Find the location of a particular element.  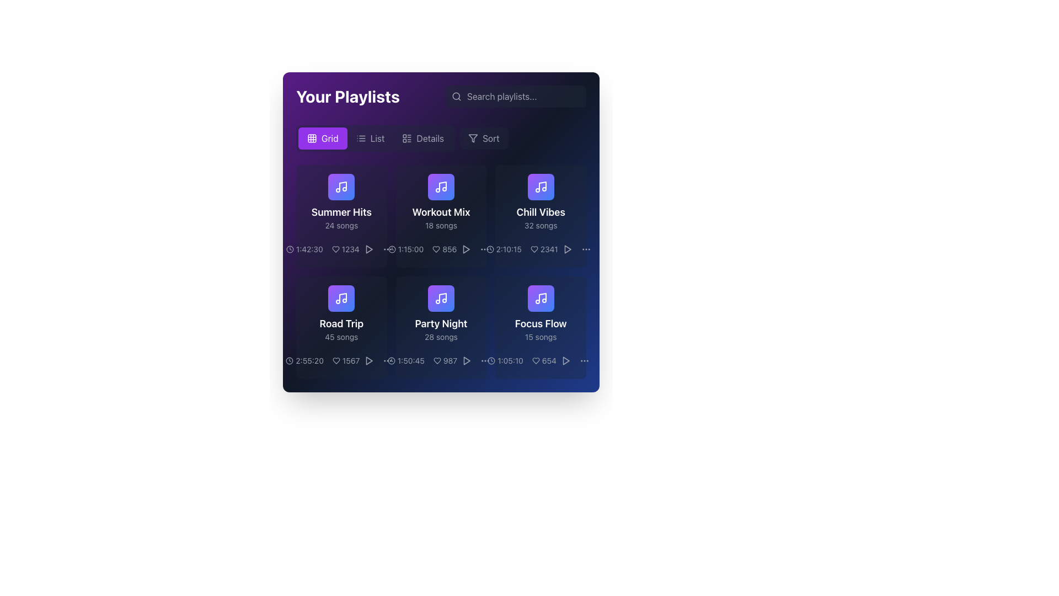

the play button on the 'Focus Flow' playlist card located in the bottom-right corner of the grid layout is located at coordinates (541, 327).